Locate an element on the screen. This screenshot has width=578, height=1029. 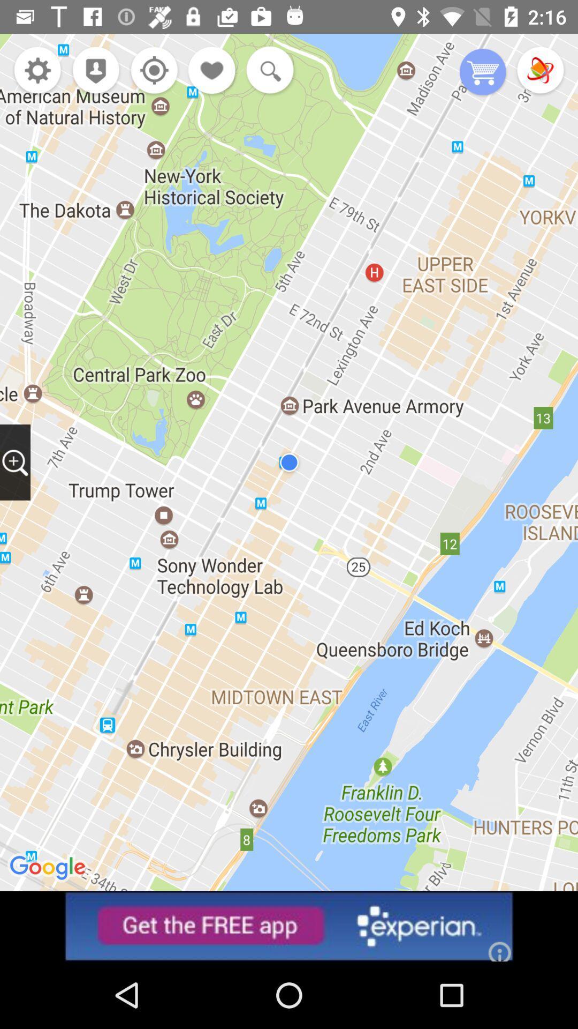
the avatar icon is located at coordinates (92, 71).